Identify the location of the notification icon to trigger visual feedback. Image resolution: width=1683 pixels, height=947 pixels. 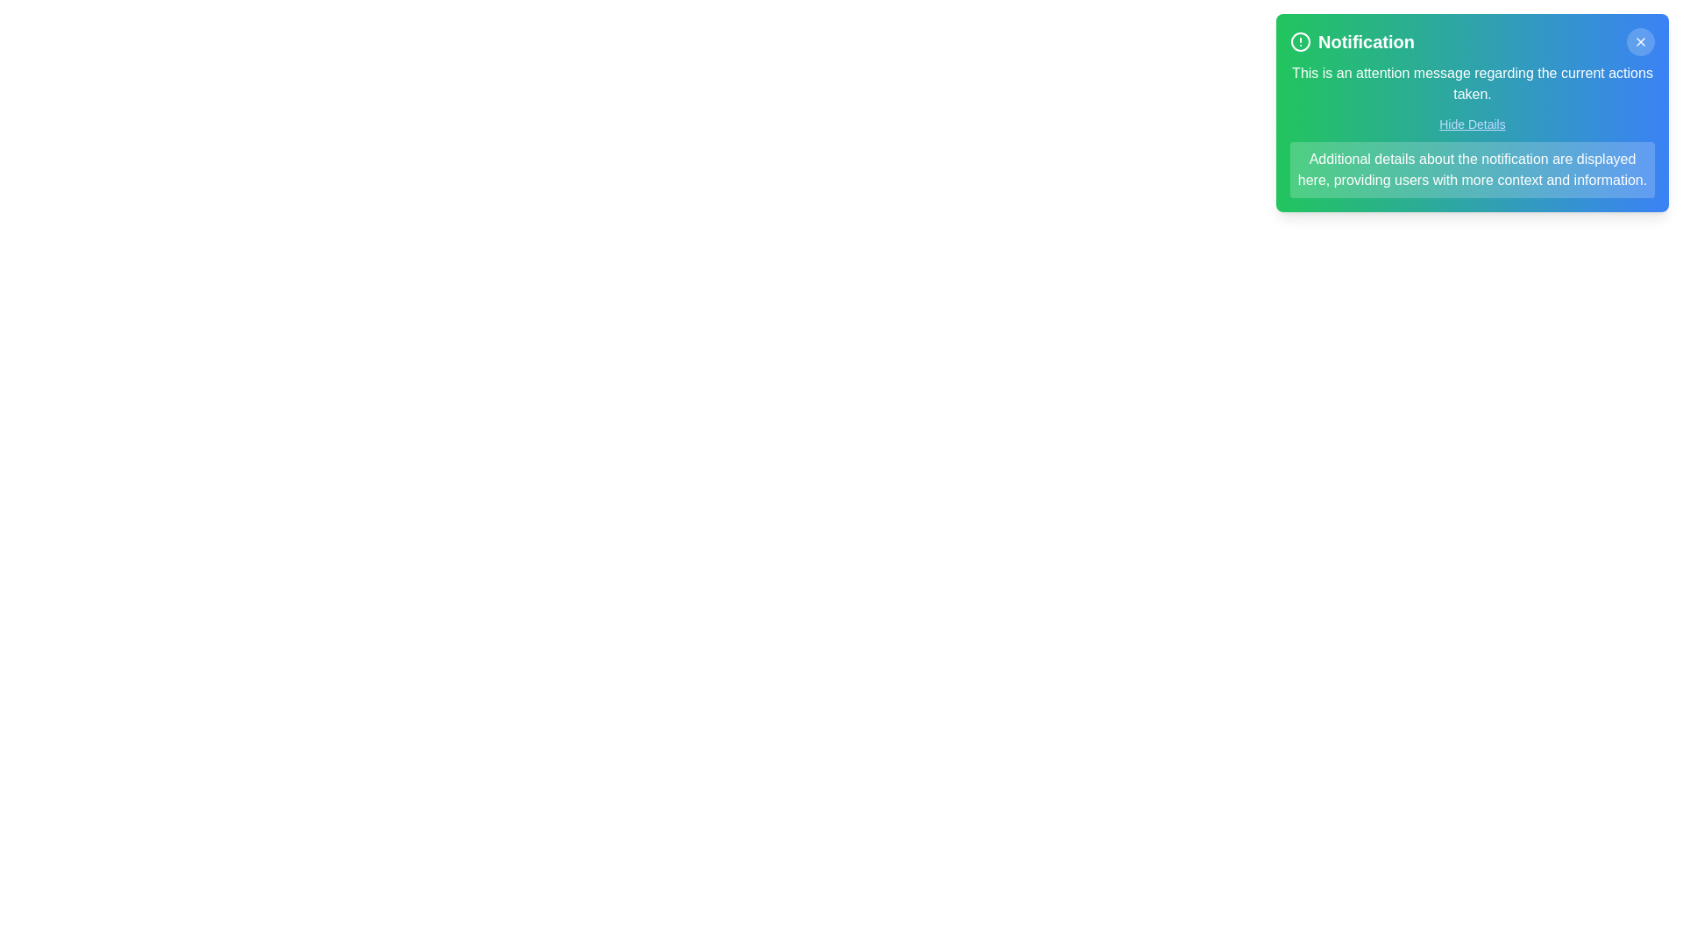
(1300, 40).